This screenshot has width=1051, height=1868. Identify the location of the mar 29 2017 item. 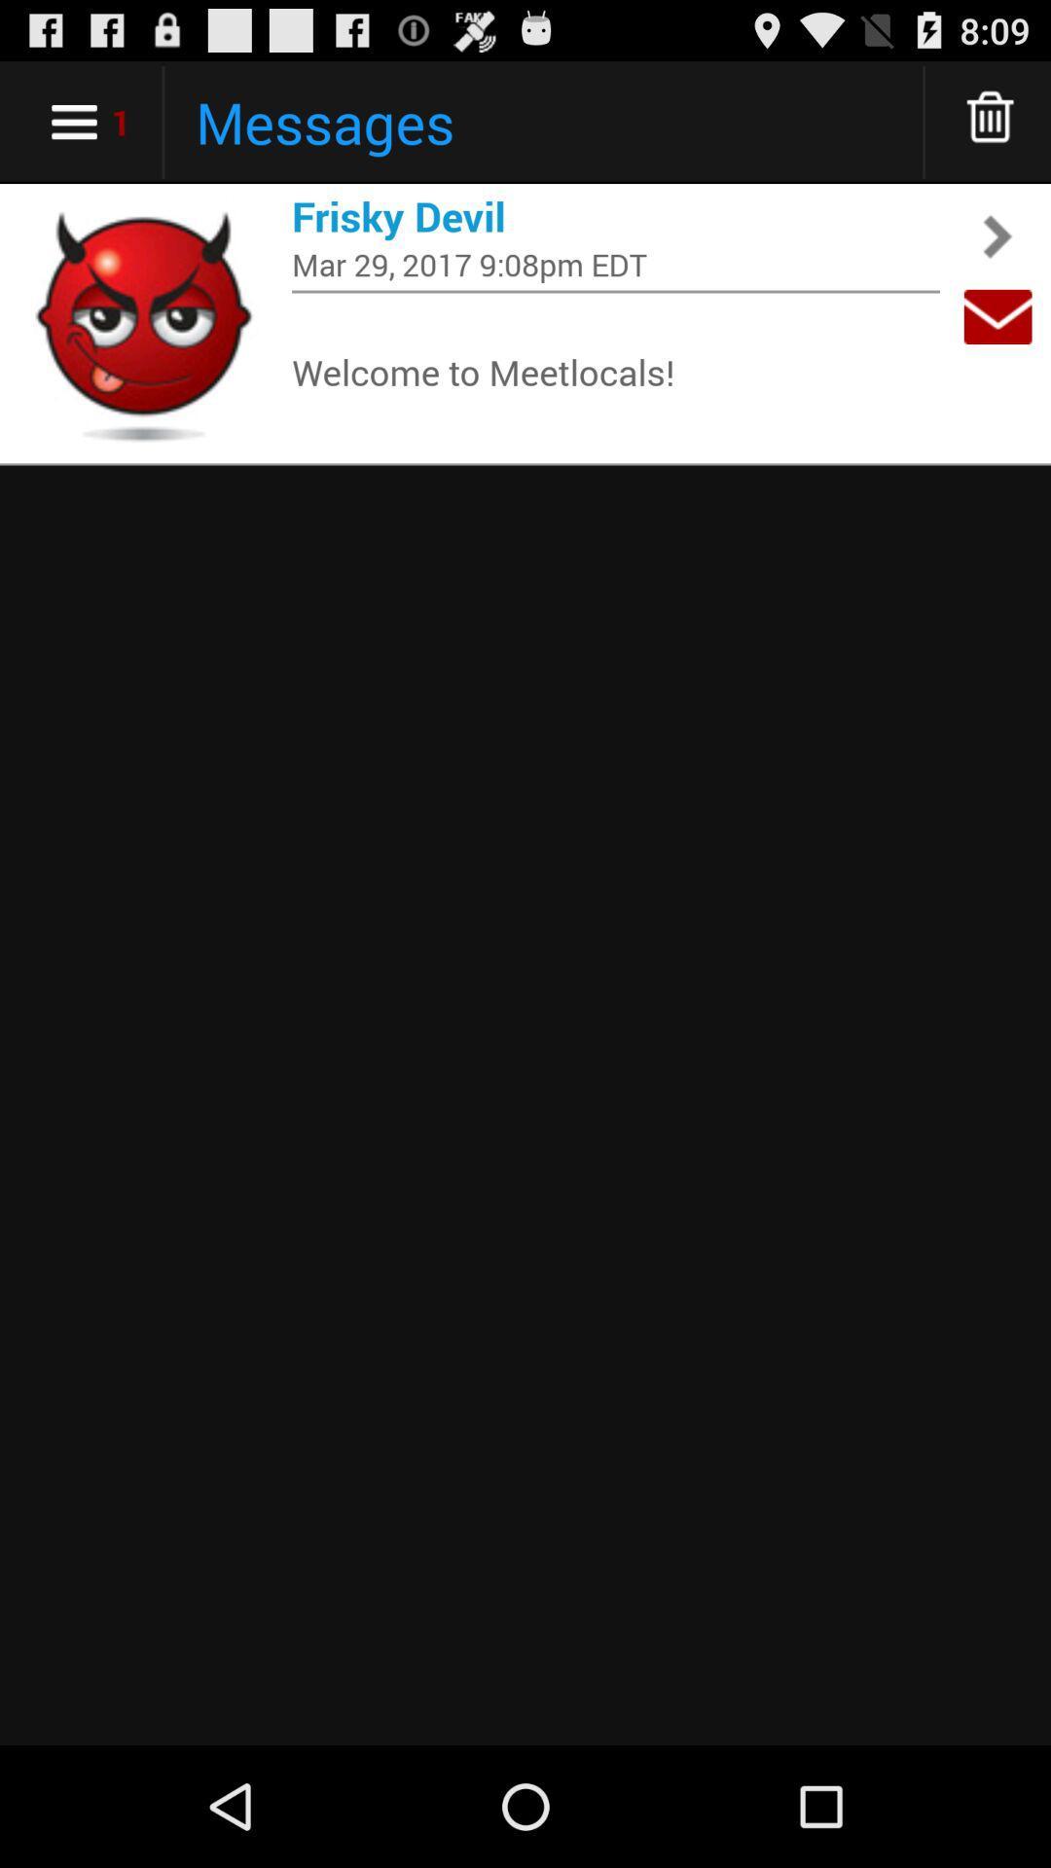
(615, 263).